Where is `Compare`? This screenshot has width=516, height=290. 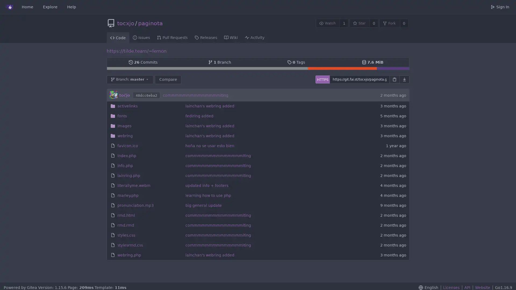
Compare is located at coordinates (167, 79).